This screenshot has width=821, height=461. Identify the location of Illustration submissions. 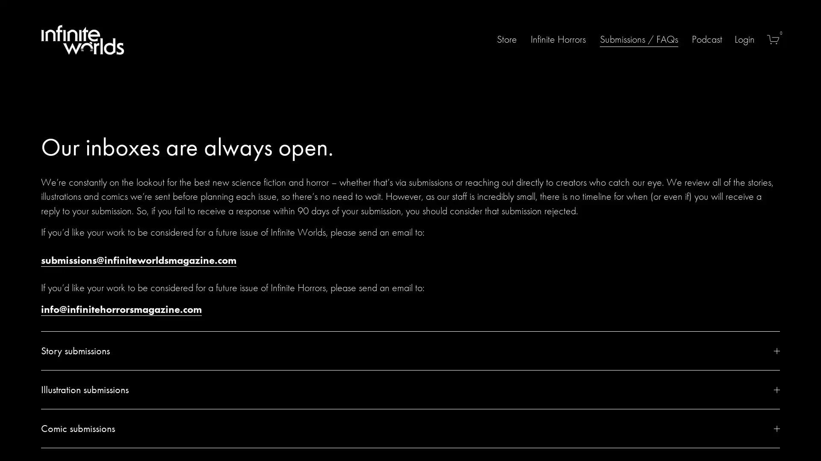
(410, 390).